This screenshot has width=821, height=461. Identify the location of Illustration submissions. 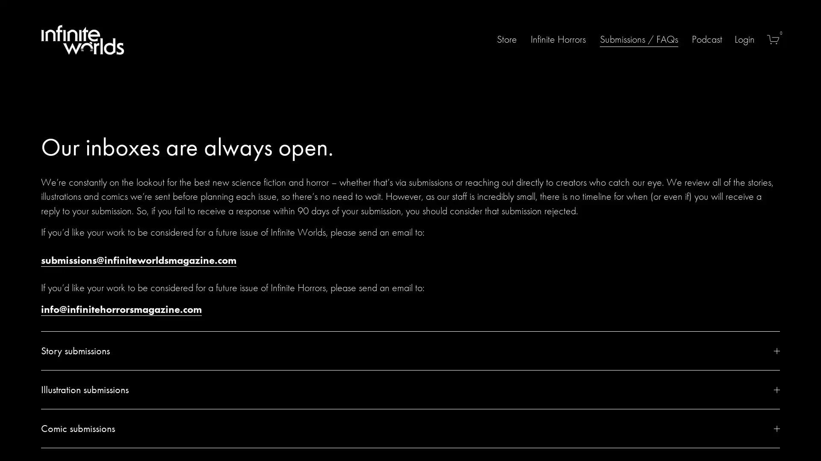
(410, 390).